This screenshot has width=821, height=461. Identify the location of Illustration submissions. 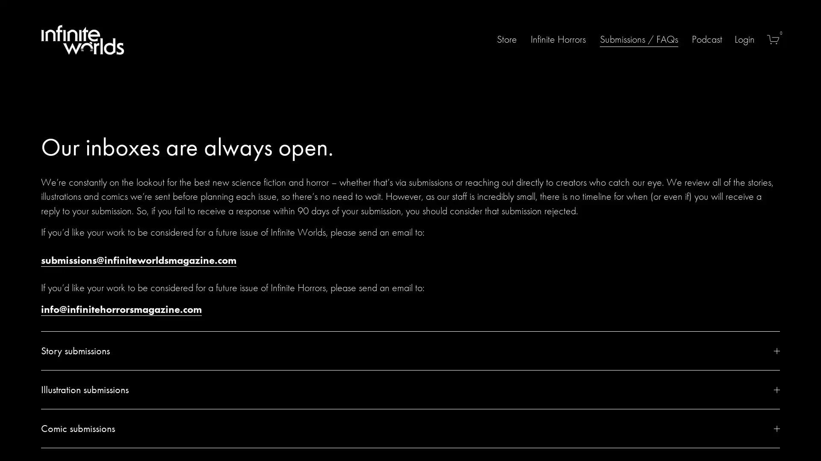
(410, 390).